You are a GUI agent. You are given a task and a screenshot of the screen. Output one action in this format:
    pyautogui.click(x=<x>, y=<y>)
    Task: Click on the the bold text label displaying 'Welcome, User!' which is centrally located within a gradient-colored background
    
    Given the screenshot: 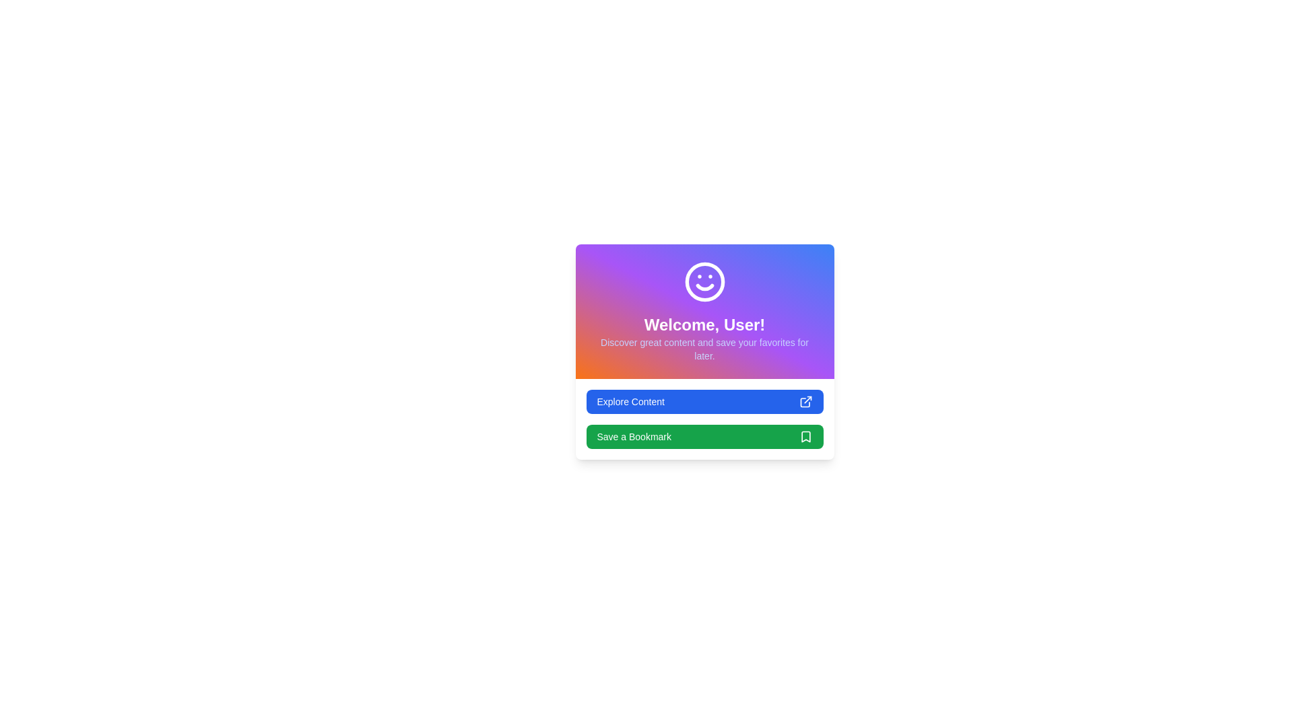 What is the action you would take?
    pyautogui.click(x=704, y=324)
    